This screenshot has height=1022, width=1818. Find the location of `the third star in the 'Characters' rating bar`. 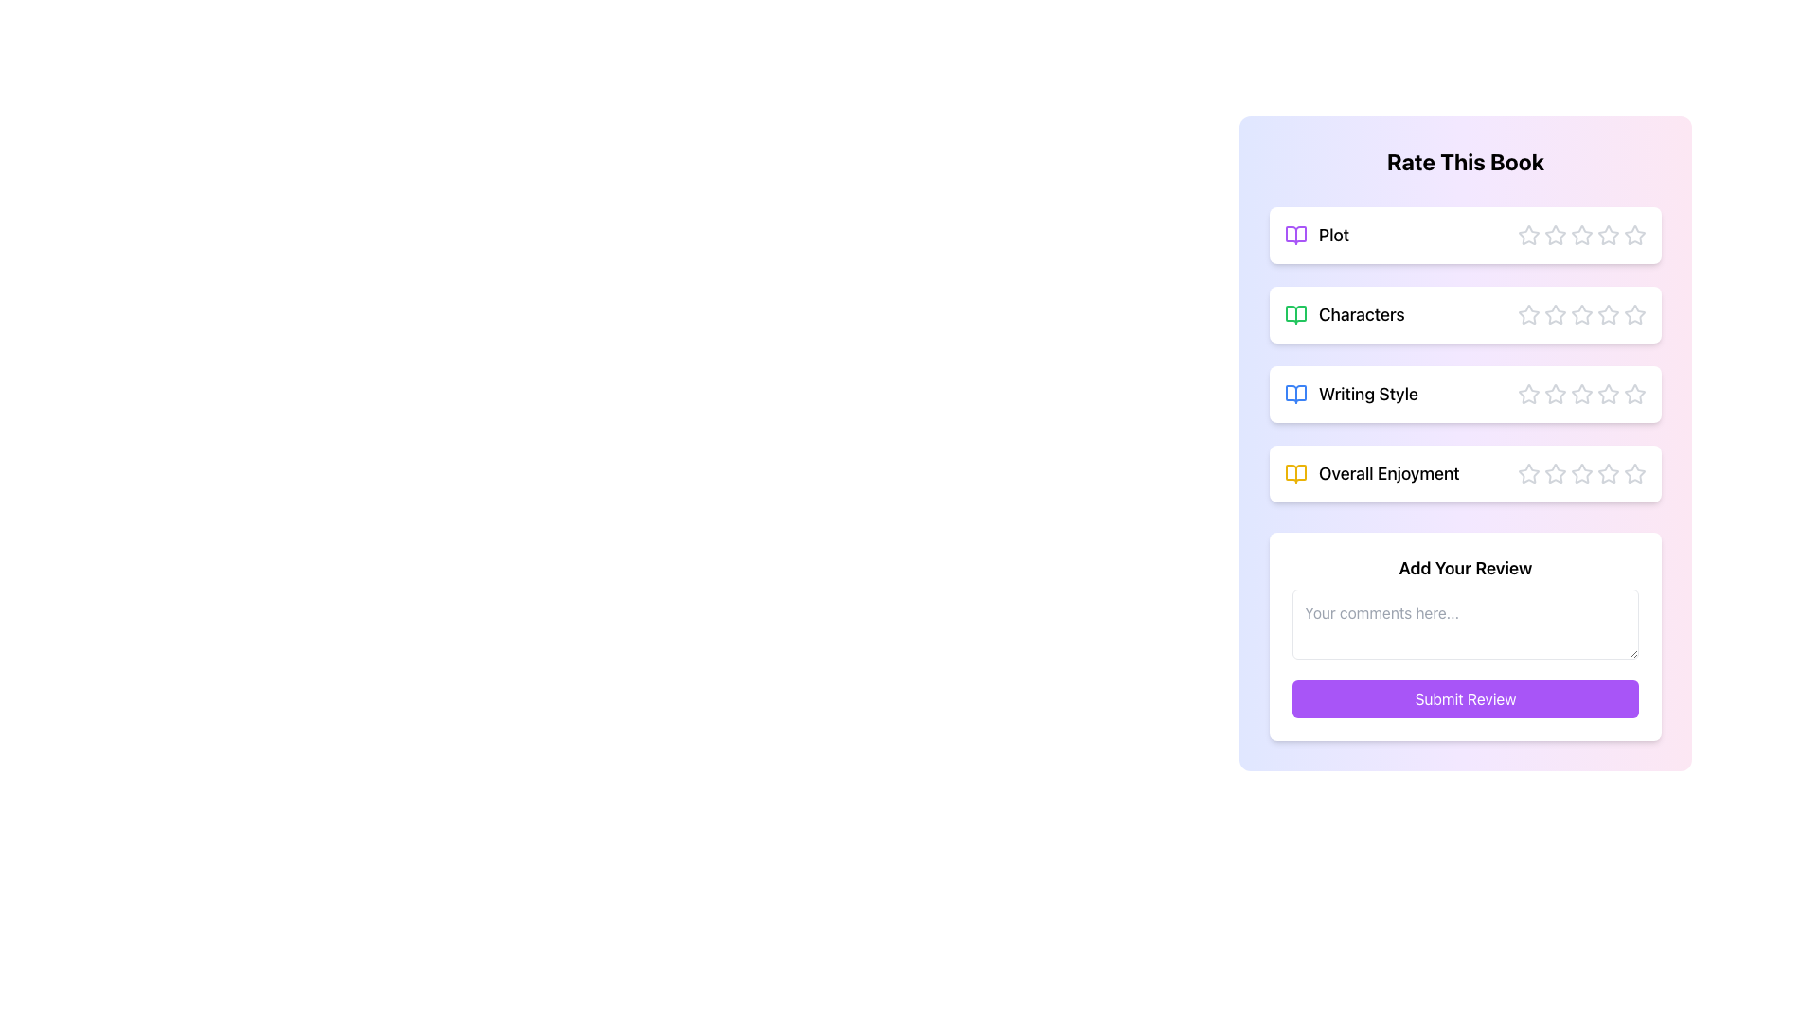

the third star in the 'Characters' rating bar is located at coordinates (1581, 313).